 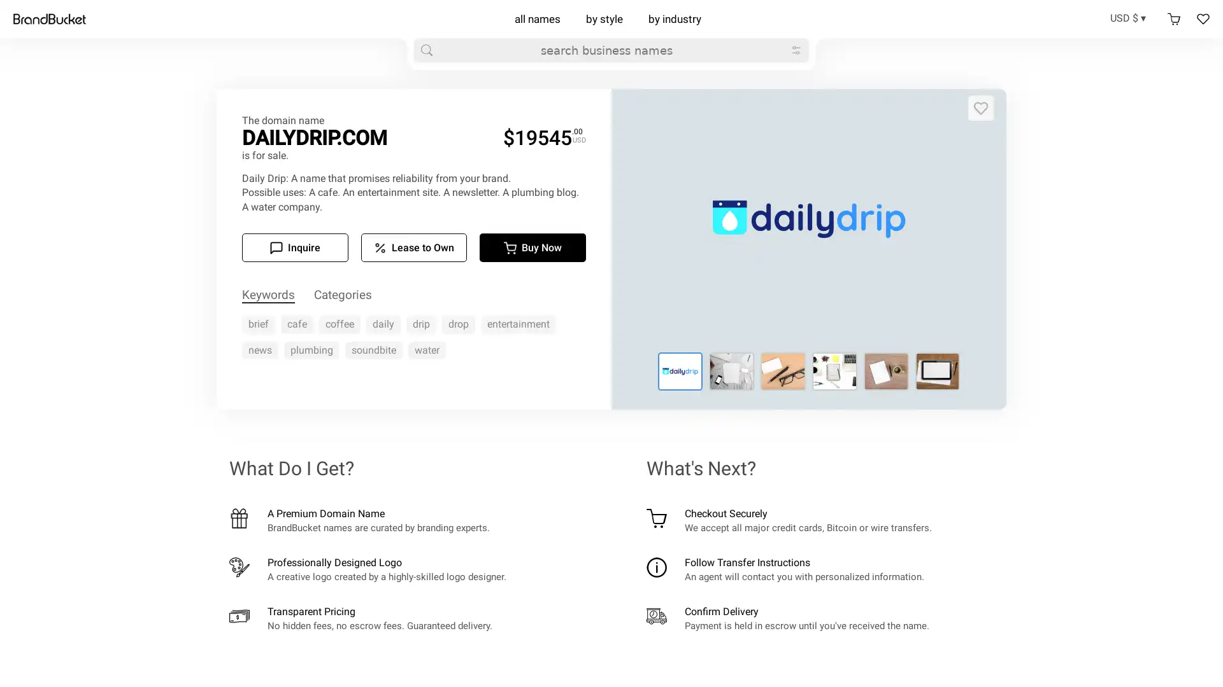 What do you see at coordinates (679, 371) in the screenshot?
I see `Logo for dailydrip.com` at bounding box center [679, 371].